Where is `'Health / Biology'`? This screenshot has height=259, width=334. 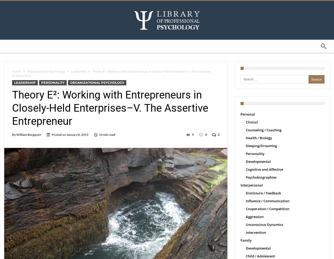 'Health / Biology' is located at coordinates (259, 138).